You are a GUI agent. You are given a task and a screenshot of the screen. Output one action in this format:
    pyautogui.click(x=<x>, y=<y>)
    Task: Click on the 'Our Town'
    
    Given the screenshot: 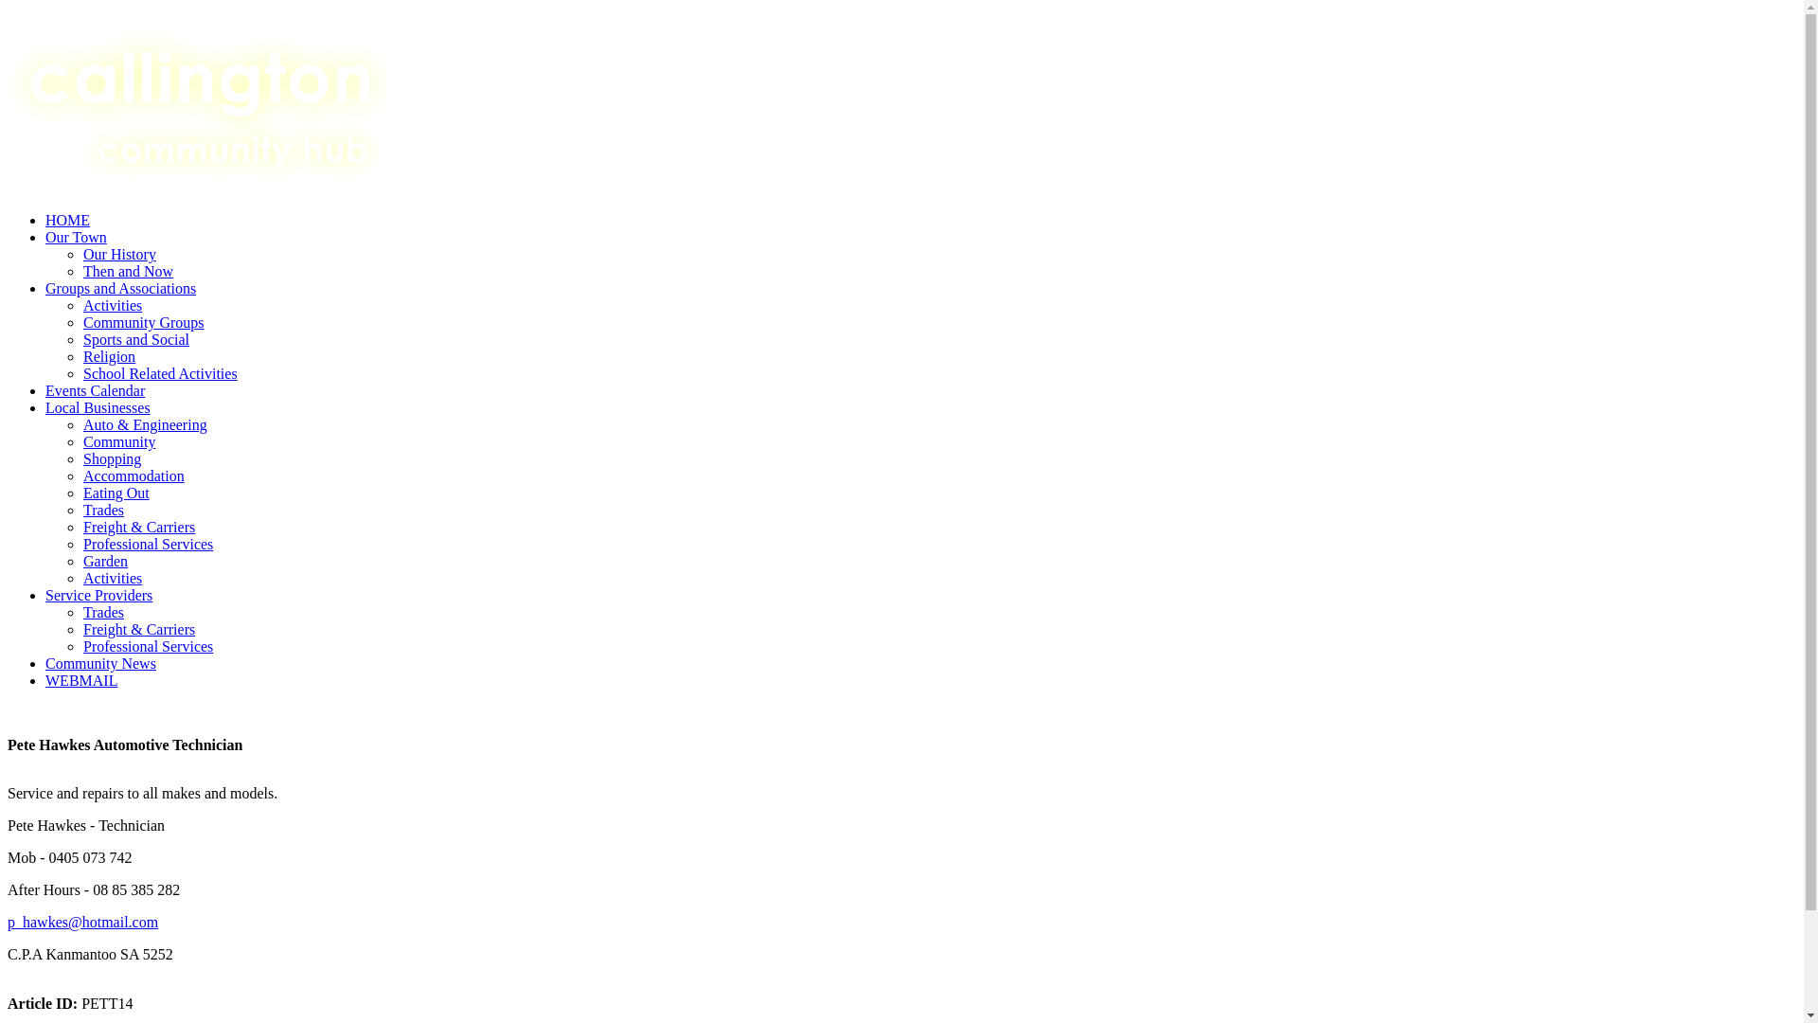 What is the action you would take?
    pyautogui.click(x=76, y=236)
    